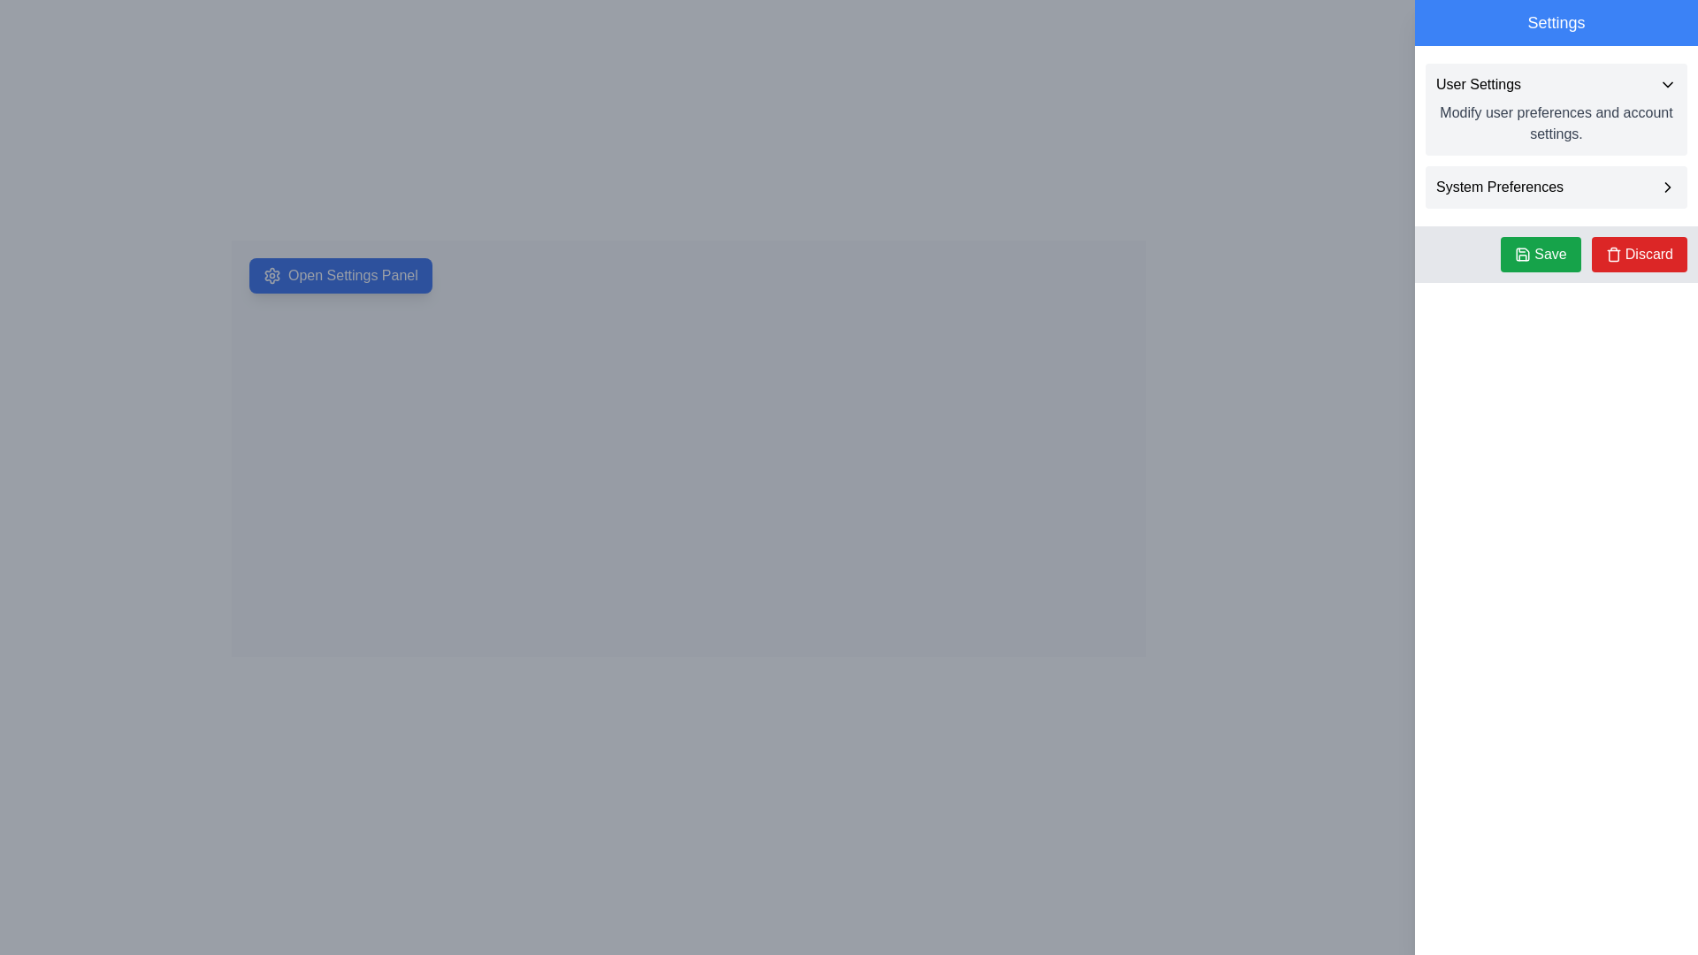  I want to click on the chevron button located to the far right of the 'System Preferences' text in the Settings interface, so click(1667, 187).